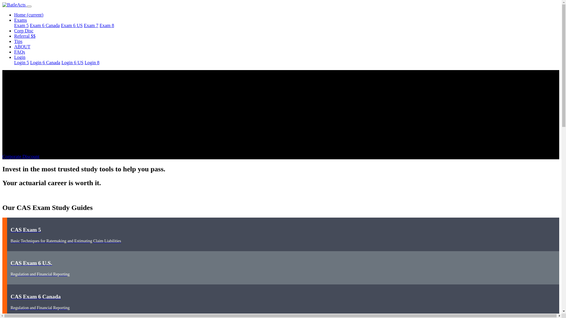 Image resolution: width=566 pixels, height=318 pixels. What do you see at coordinates (14, 46) in the screenshot?
I see `'ABOUT'` at bounding box center [14, 46].